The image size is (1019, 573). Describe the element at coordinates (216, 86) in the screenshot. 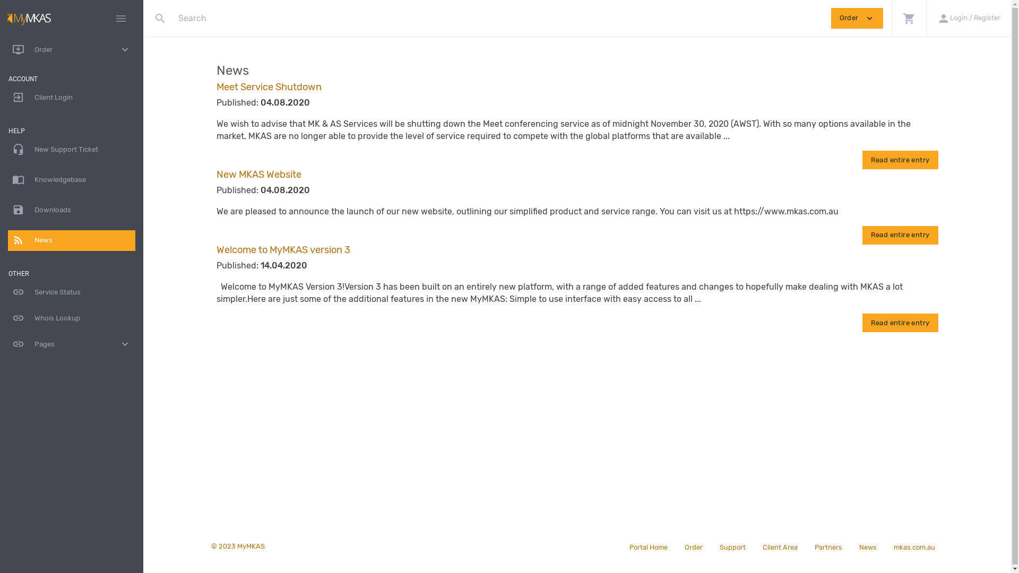

I see `'Meet Service Shutdown'` at that location.